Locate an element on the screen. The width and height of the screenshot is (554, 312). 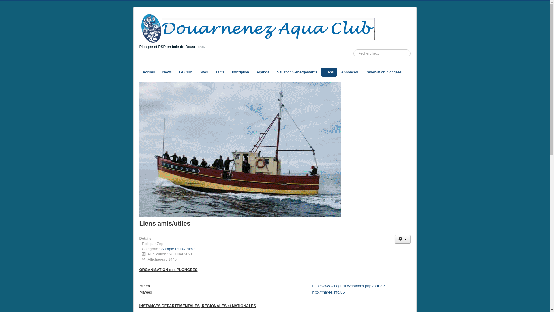
'Annonces' is located at coordinates (338, 72).